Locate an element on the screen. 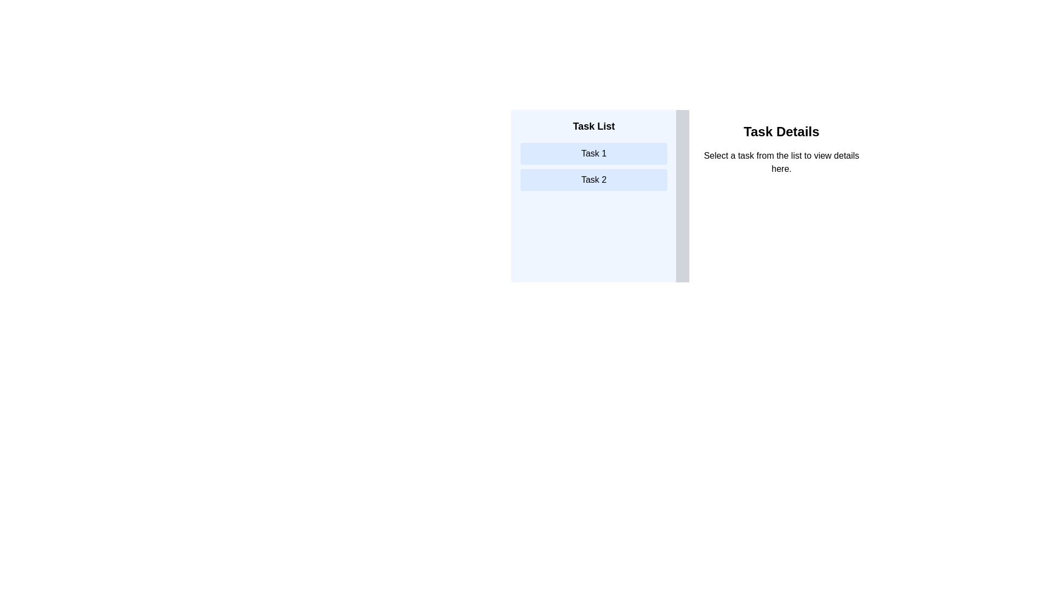 The height and width of the screenshot is (591, 1052). the bold text label displaying 'Task List' at the top center of the panel with a light blue background is located at coordinates (593, 126).